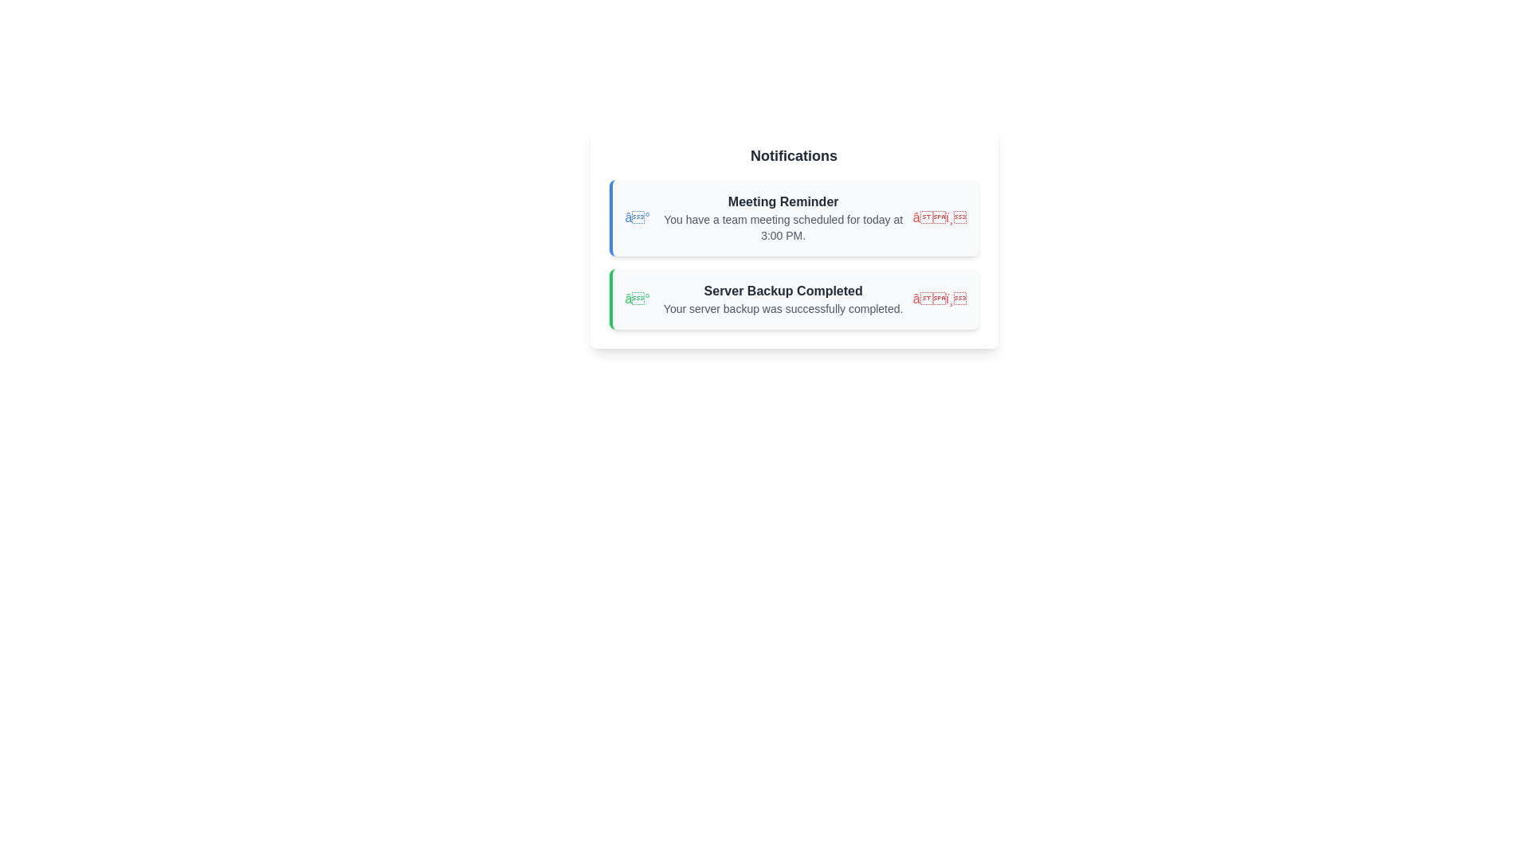 The image size is (1530, 860). What do you see at coordinates (783, 227) in the screenshot?
I see `text label that says 'You have a team meeting scheduled for today at 3:00 PM.' which is styled minimally with a small-sized, gray font and is located below the 'Meeting Reminder' heading` at bounding box center [783, 227].